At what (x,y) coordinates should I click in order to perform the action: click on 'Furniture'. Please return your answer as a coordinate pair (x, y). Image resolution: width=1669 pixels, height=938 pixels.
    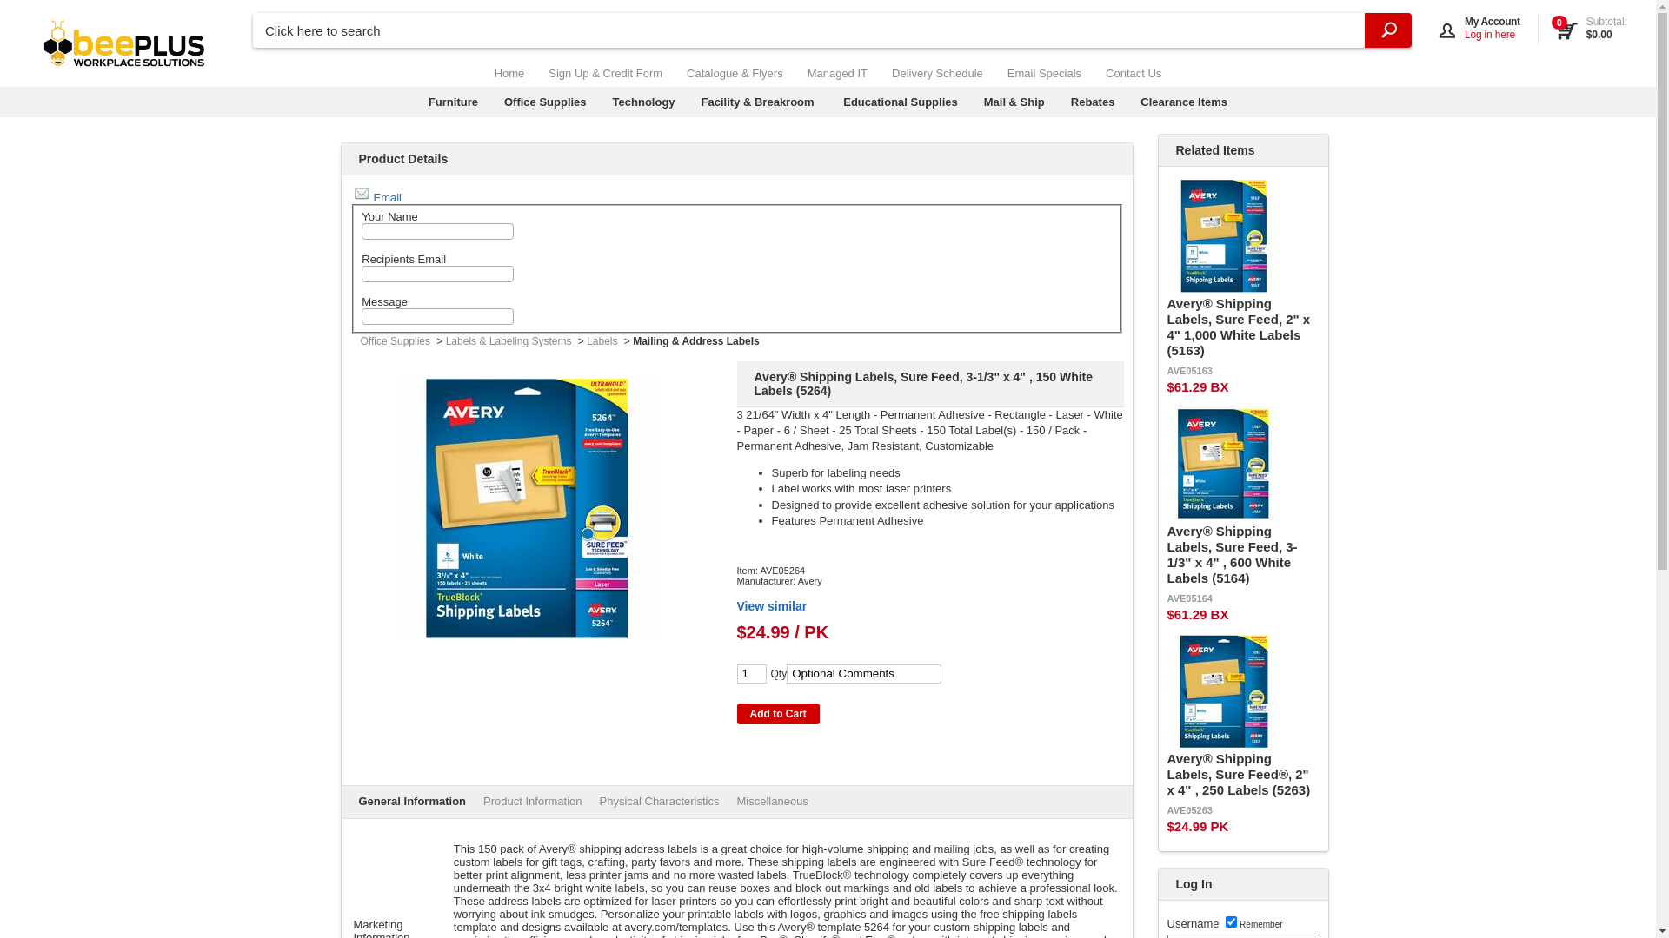
    Looking at the image, I should click on (453, 102).